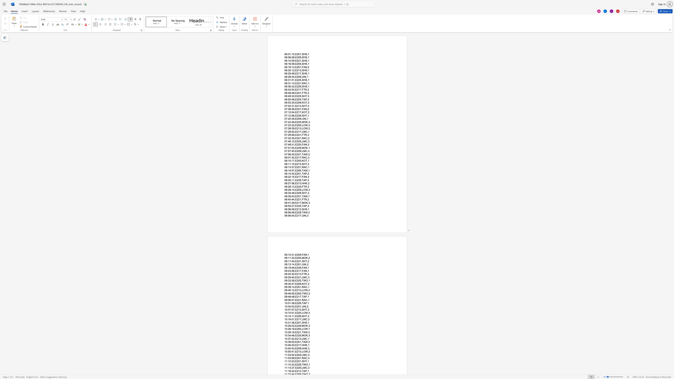  What do you see at coordinates (294, 202) in the screenshot?
I see `the subset text ",E217" within the text "08:41:29,E217,MOK,3"` at bounding box center [294, 202].